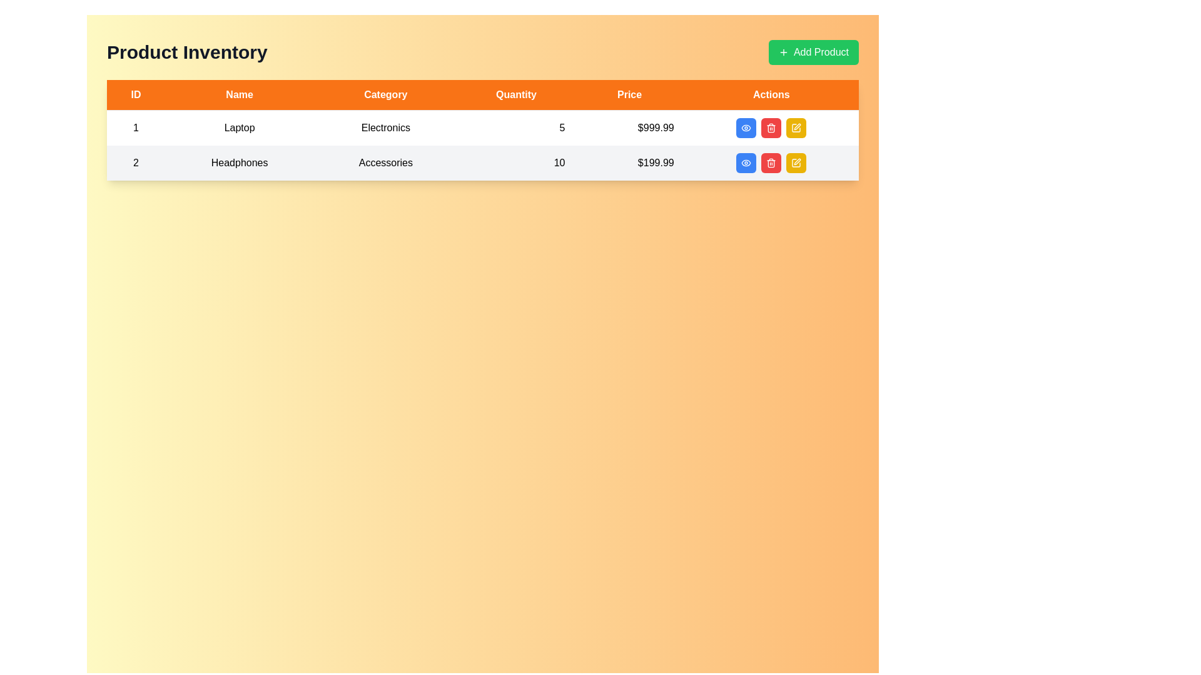 The image size is (1201, 675). What do you see at coordinates (771, 162) in the screenshot?
I see `the group of action buttons in the 'Actions' column of the second row of the product inventory table for the 'Headphones' product` at bounding box center [771, 162].